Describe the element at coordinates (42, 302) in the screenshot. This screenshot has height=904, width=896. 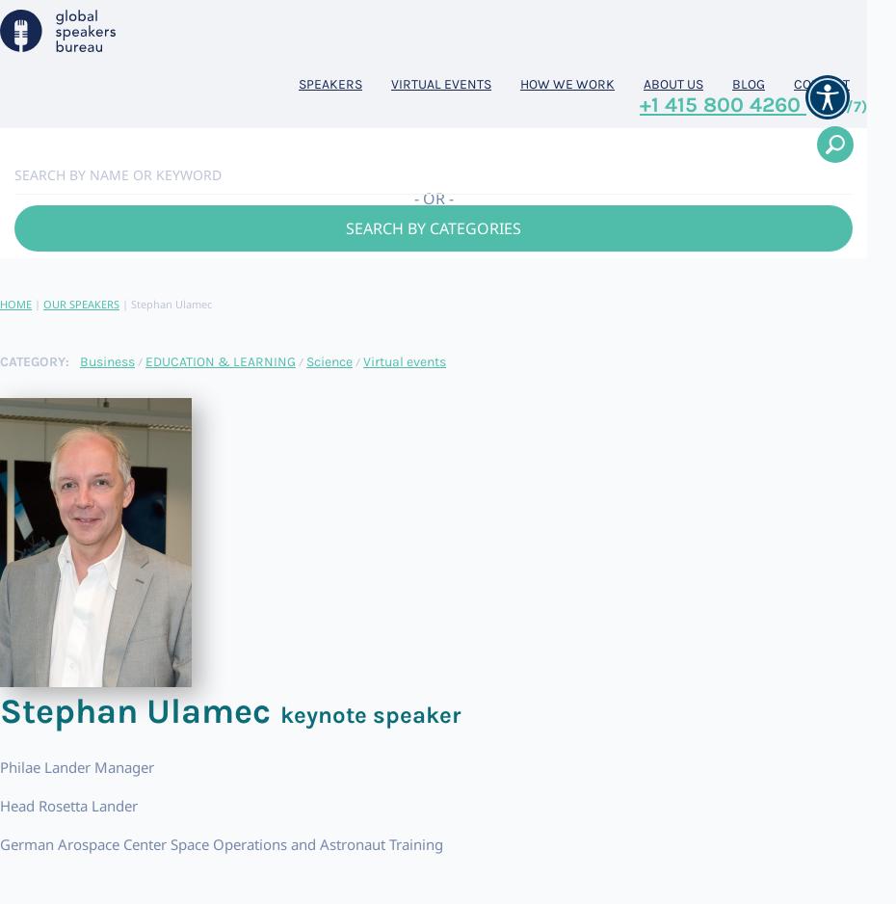
I see `'OUR SPEAKERS'` at that location.